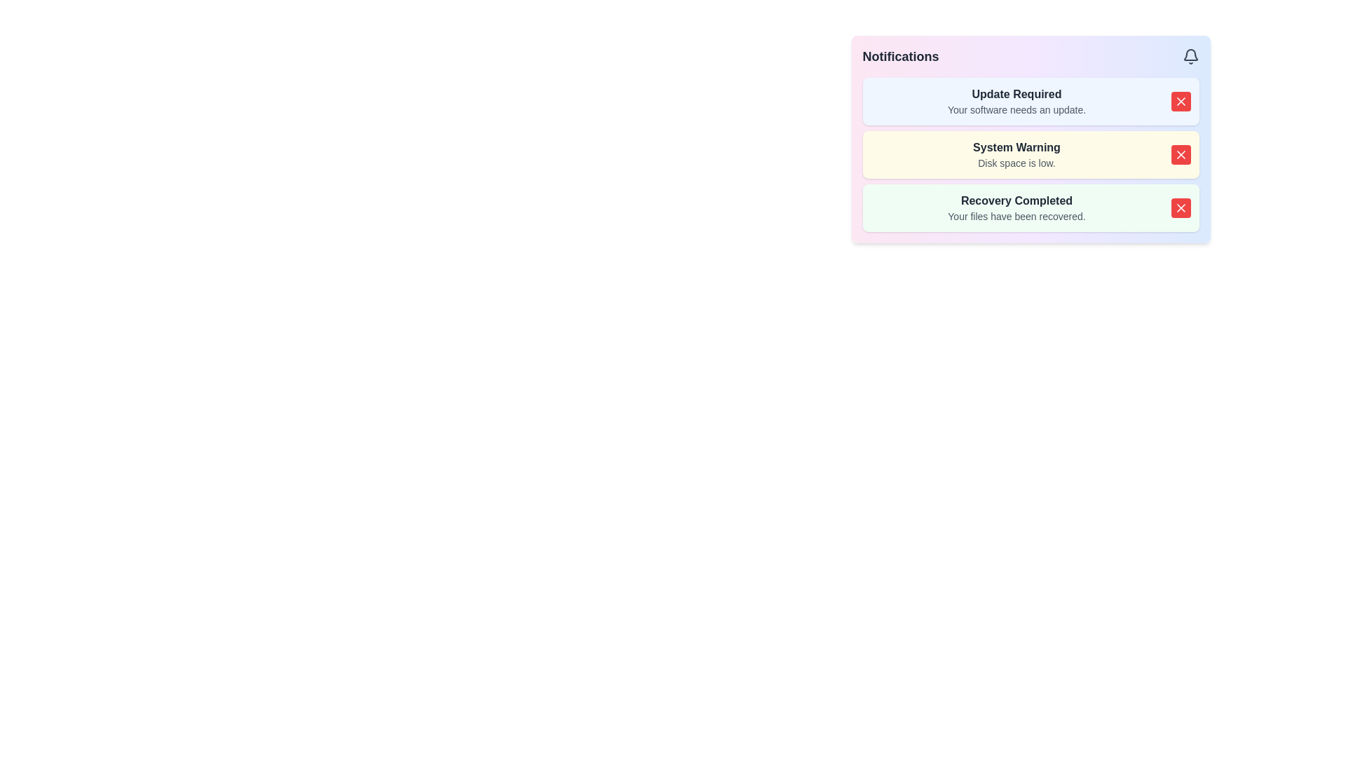 Image resolution: width=1346 pixels, height=757 pixels. Describe the element at coordinates (1017, 109) in the screenshot. I see `the static text label that informs the user about the software update requirement, positioned below the bold text 'Update Required' in the notification panel` at that location.